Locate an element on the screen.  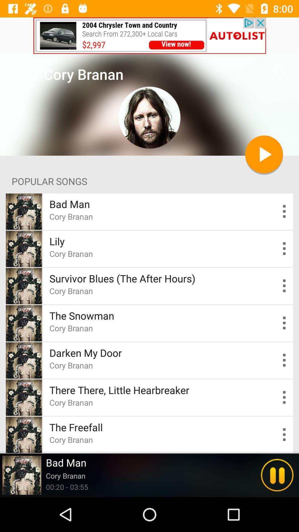
the more icon is located at coordinates (284, 211).